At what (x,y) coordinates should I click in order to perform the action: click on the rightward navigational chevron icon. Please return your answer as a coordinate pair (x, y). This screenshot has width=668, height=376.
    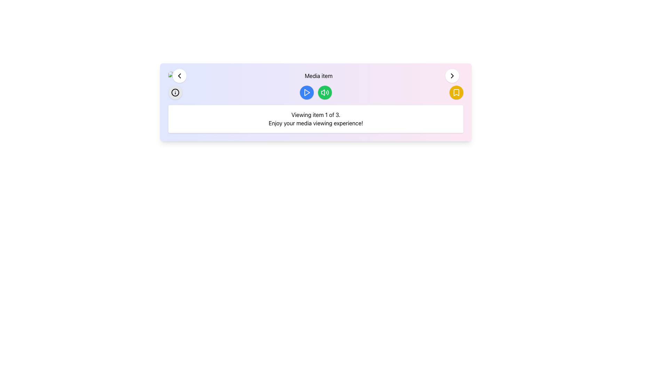
    Looking at the image, I should click on (452, 76).